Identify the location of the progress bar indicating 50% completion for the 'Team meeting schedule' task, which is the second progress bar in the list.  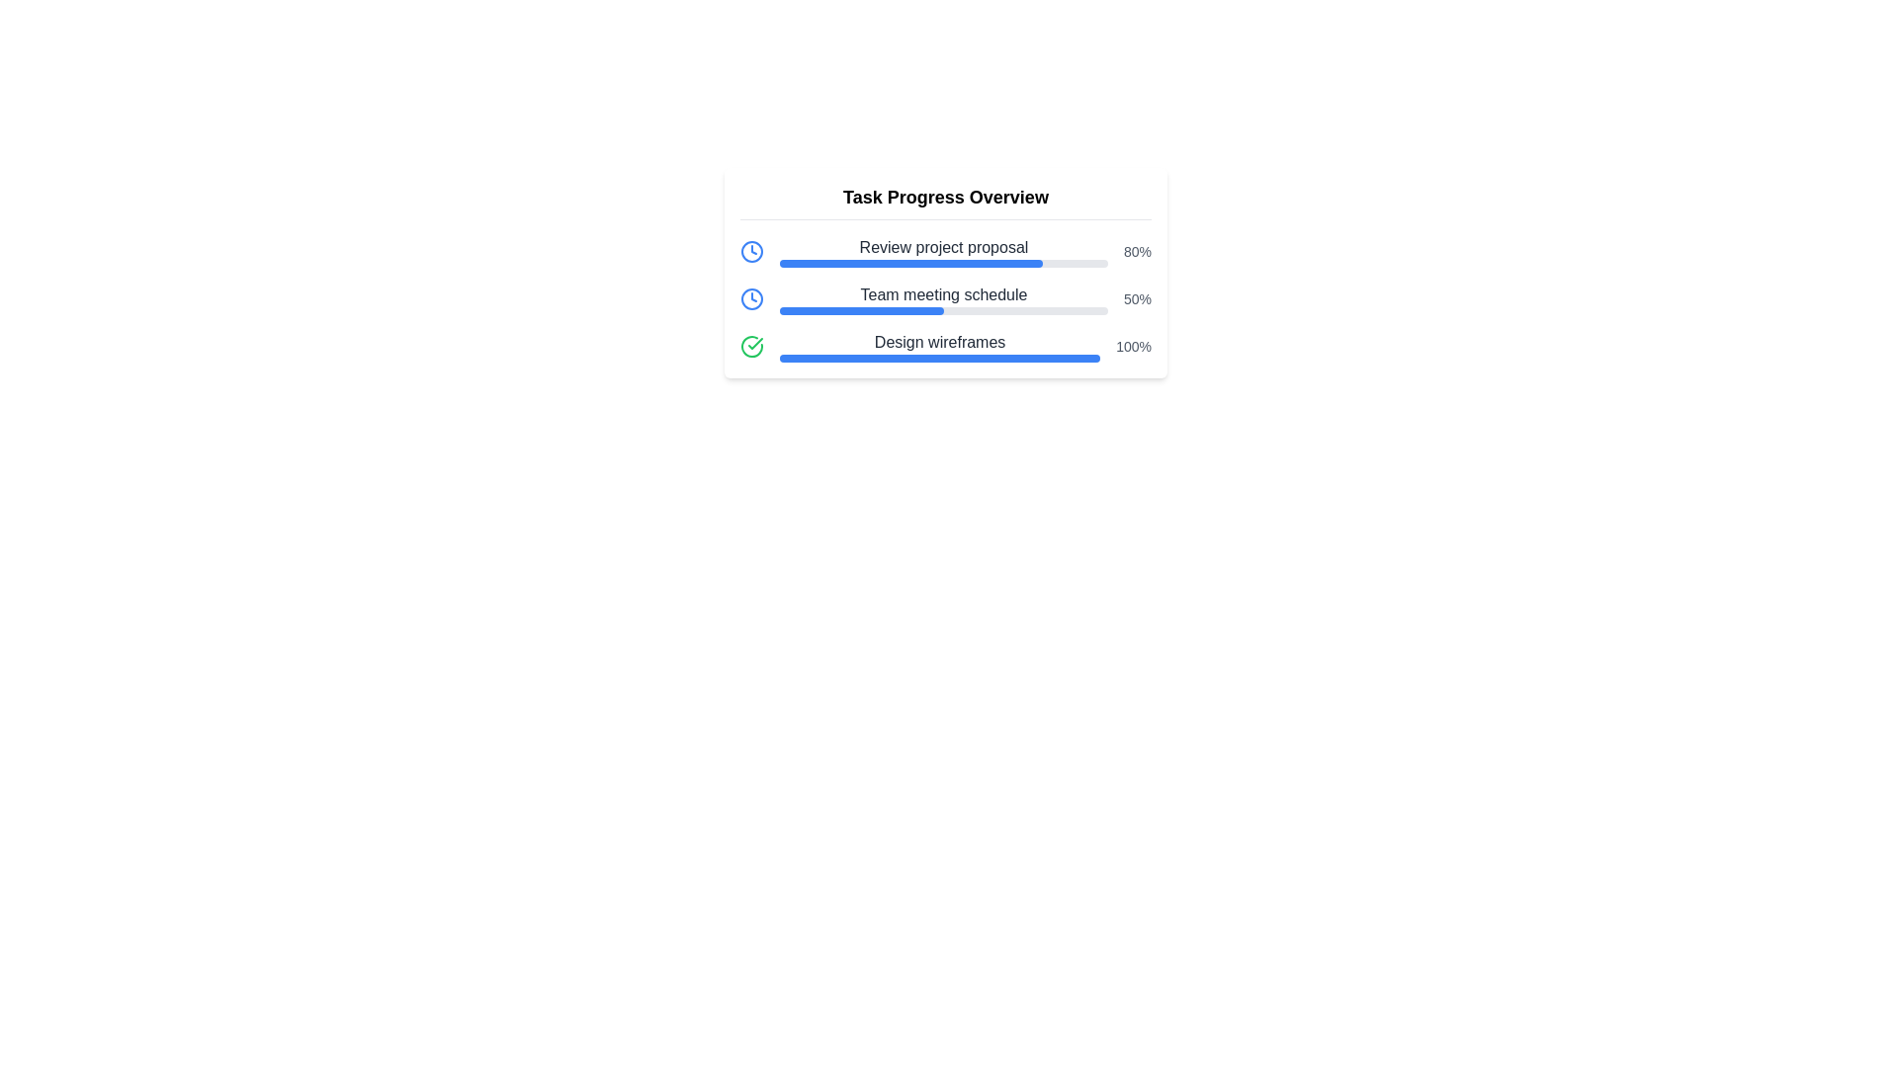
(862, 311).